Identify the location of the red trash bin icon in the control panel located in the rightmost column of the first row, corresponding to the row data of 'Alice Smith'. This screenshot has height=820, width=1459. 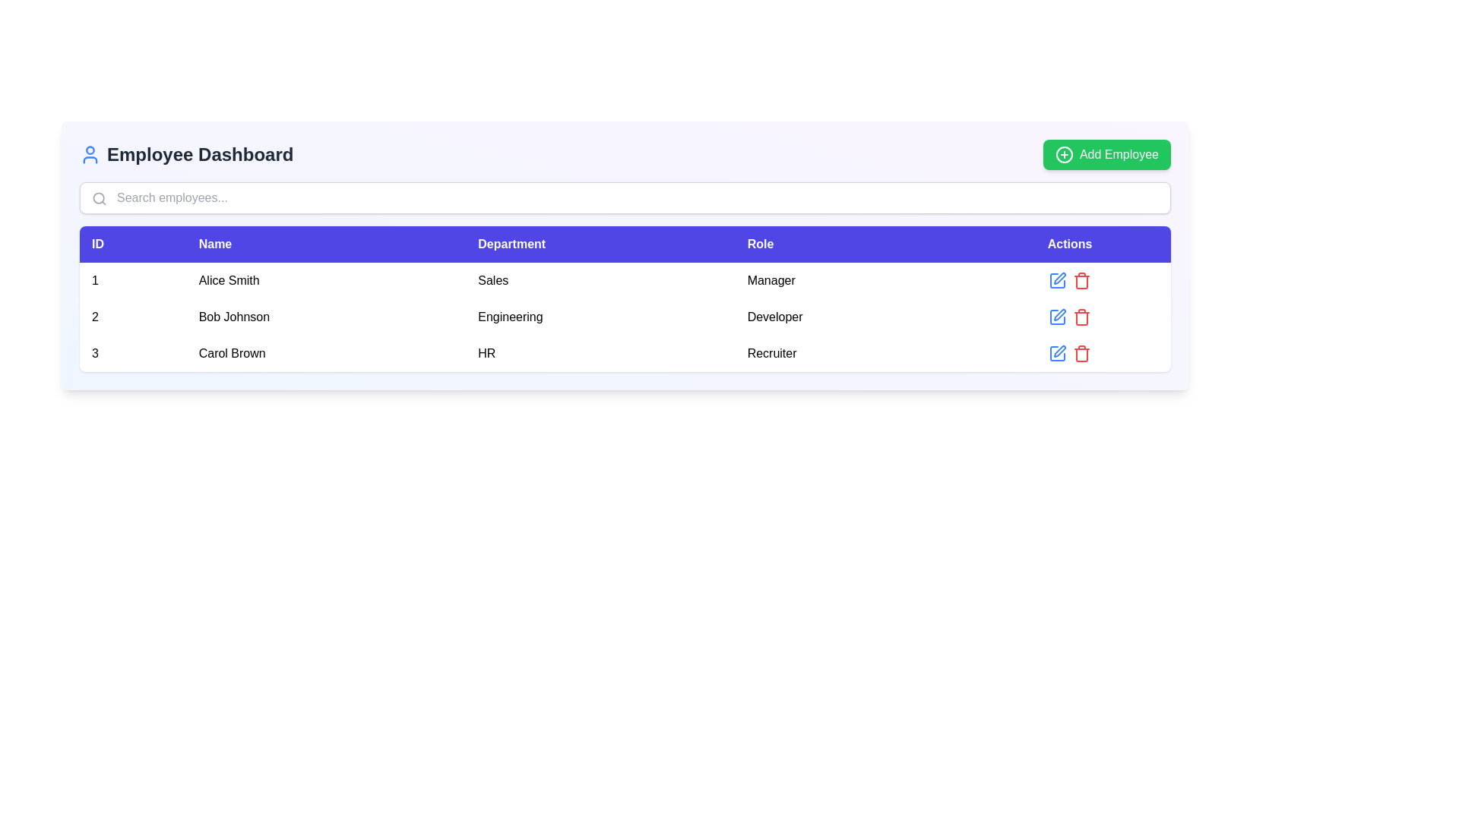
(1068, 281).